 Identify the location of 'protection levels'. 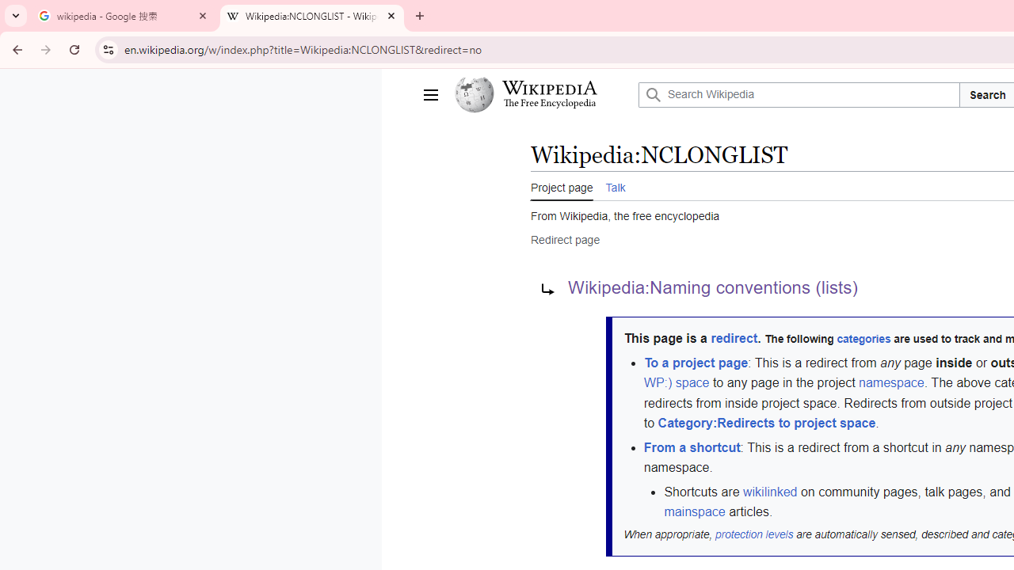
(753, 534).